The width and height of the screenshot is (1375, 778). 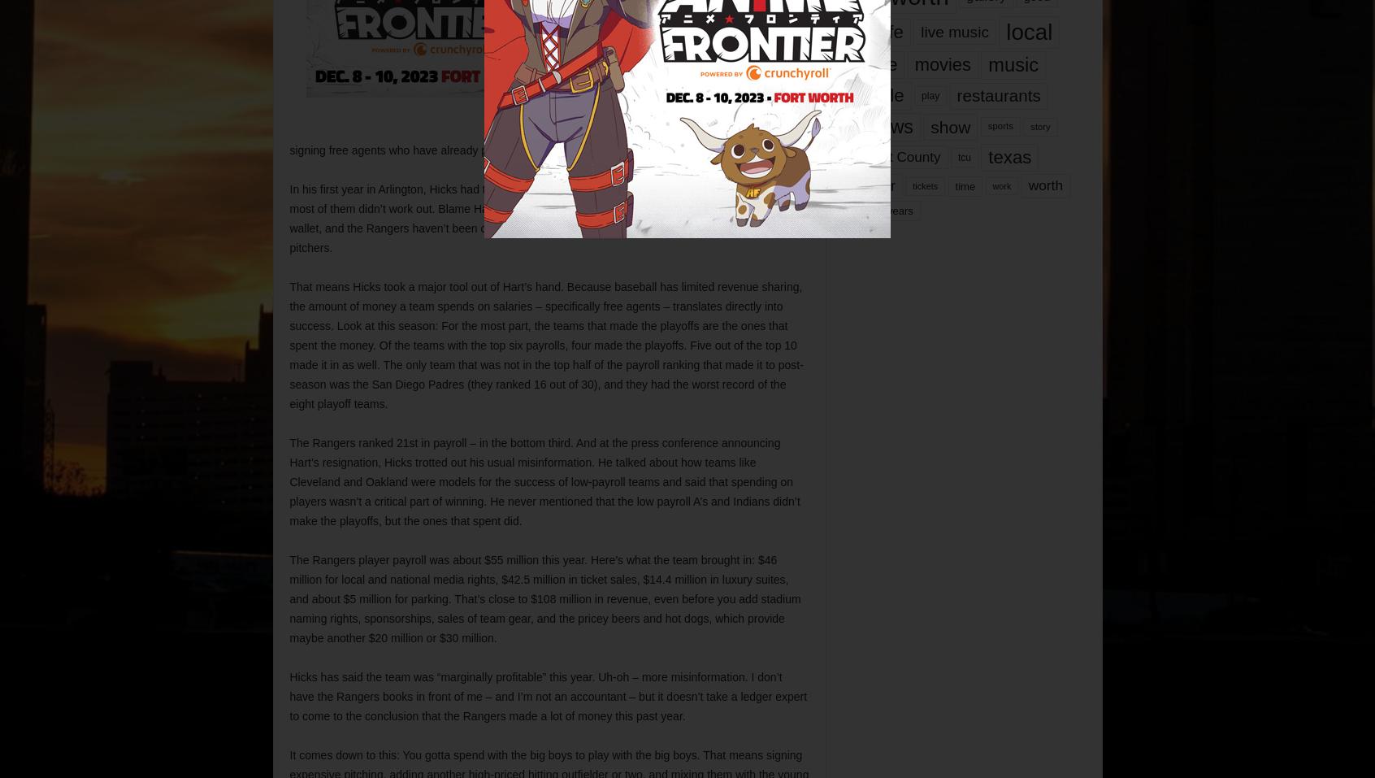 I want to click on 'work', so click(x=1001, y=184).